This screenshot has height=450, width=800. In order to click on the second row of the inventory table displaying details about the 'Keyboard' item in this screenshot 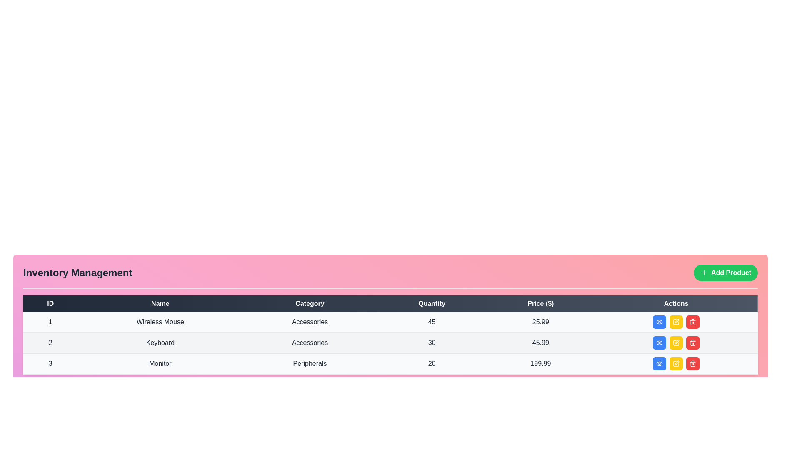, I will do `click(390, 342)`.